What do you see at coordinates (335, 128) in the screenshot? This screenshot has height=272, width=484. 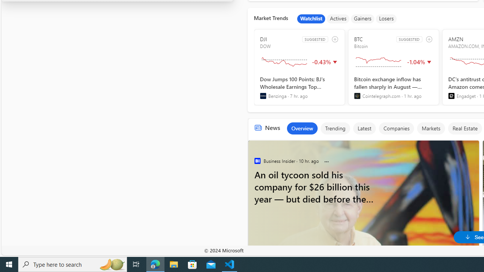 I see `'Trending'` at bounding box center [335, 128].